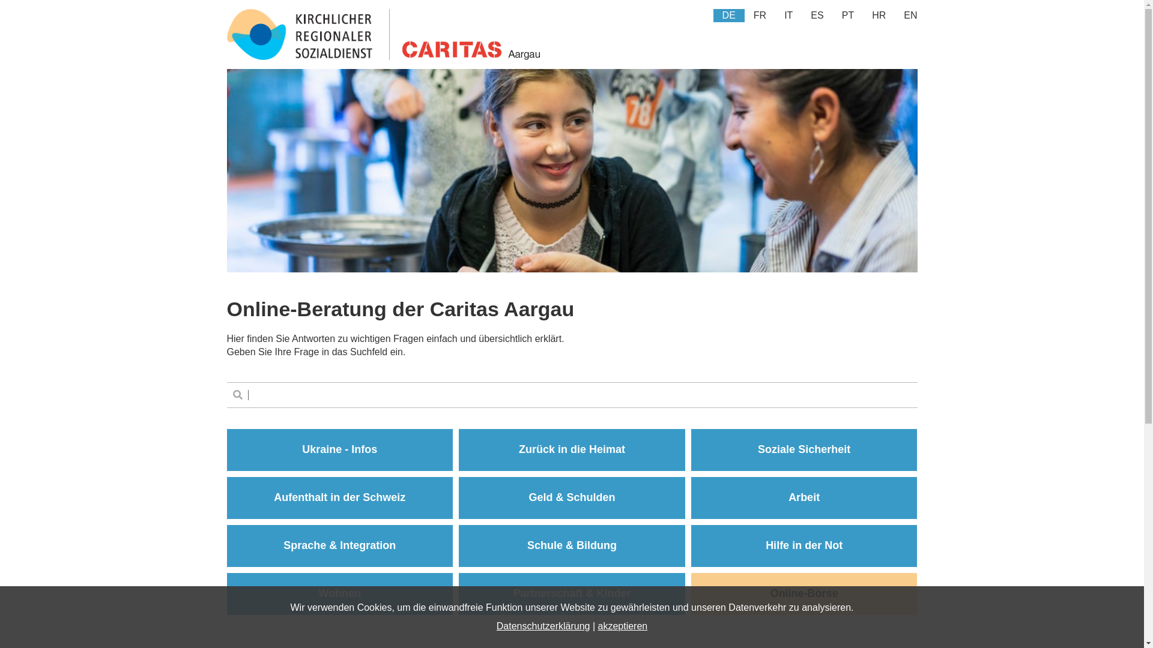 This screenshot has width=1153, height=648. Describe the element at coordinates (804, 546) in the screenshot. I see `'Hilfe in der Not'` at that location.